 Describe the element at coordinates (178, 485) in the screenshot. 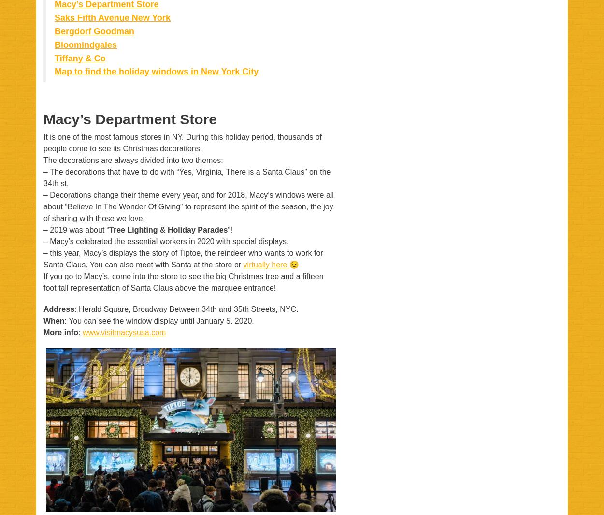

I see `'Facebook'` at that location.